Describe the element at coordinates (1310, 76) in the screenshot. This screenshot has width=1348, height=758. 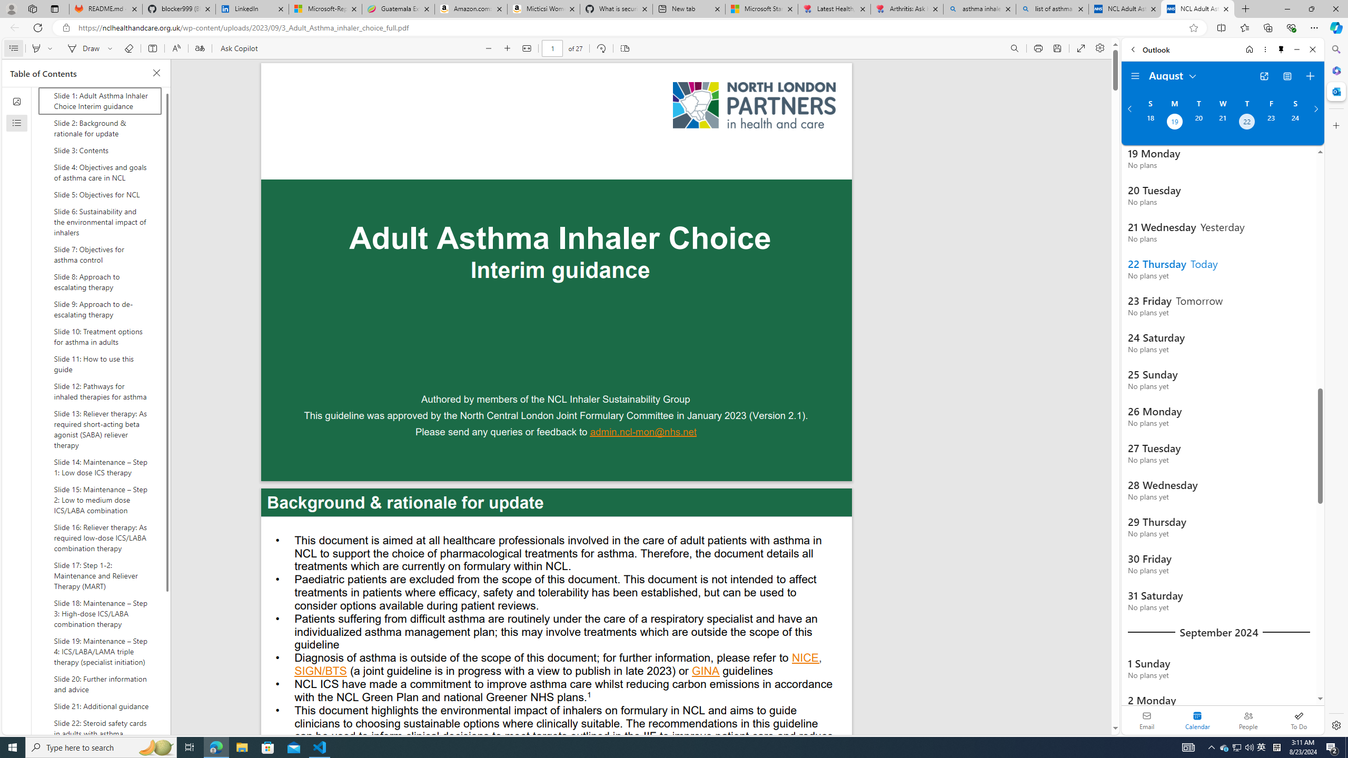
I see `'Create event'` at that location.